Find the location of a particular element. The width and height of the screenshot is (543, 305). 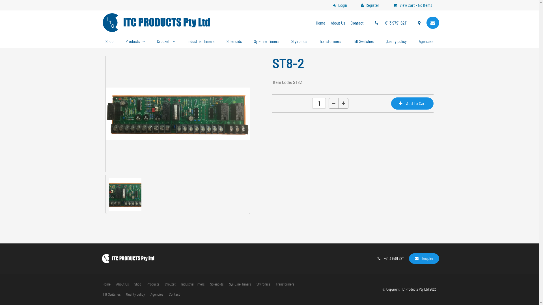

'Home' is located at coordinates (106, 284).